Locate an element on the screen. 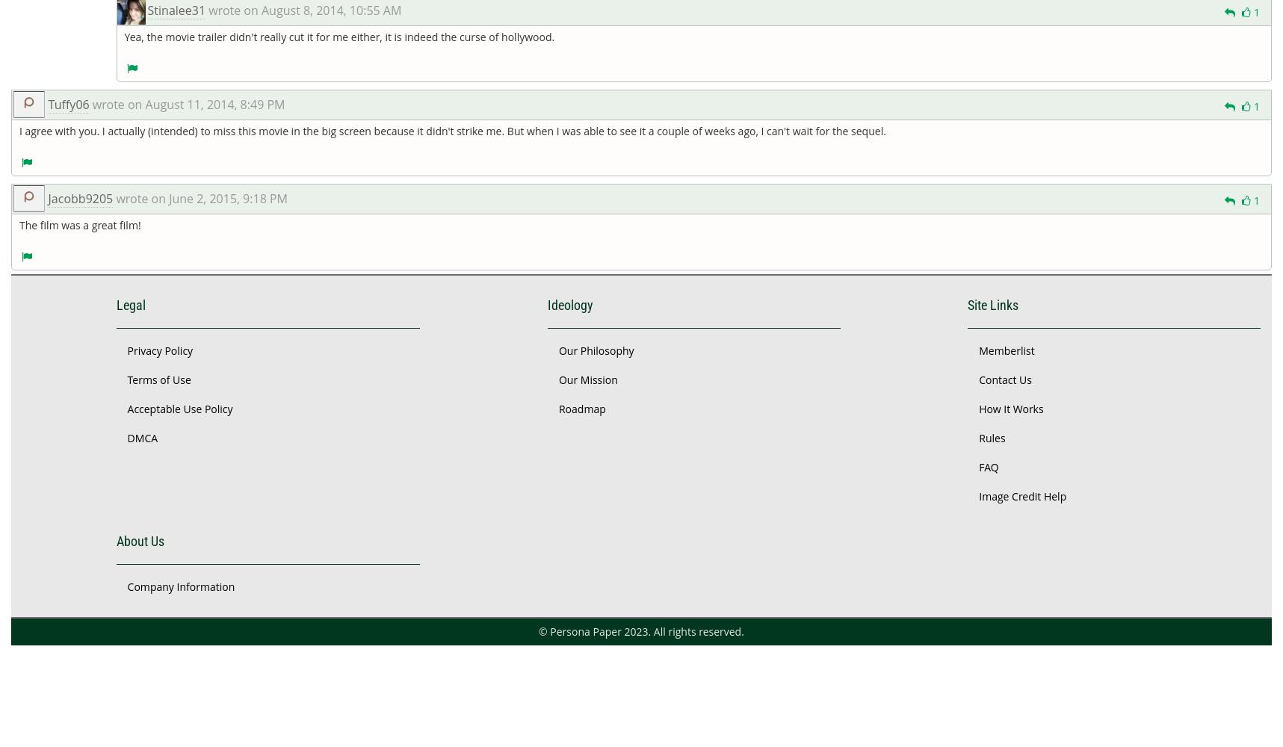  'FAQ' is located at coordinates (988, 465).